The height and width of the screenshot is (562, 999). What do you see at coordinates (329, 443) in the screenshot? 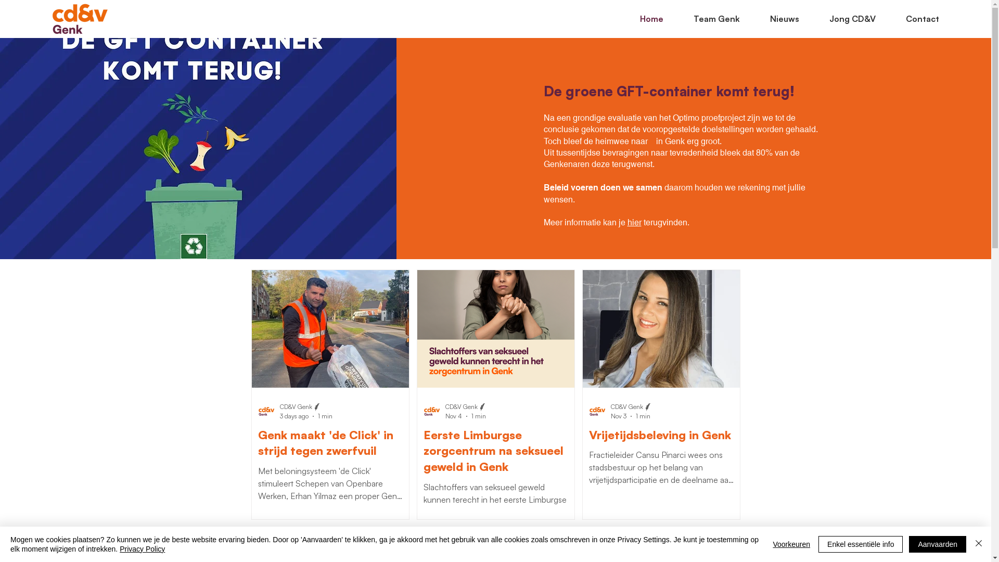
I see `'Genk maakt 'de Click' in strijd tegen zwerfvuil'` at bounding box center [329, 443].